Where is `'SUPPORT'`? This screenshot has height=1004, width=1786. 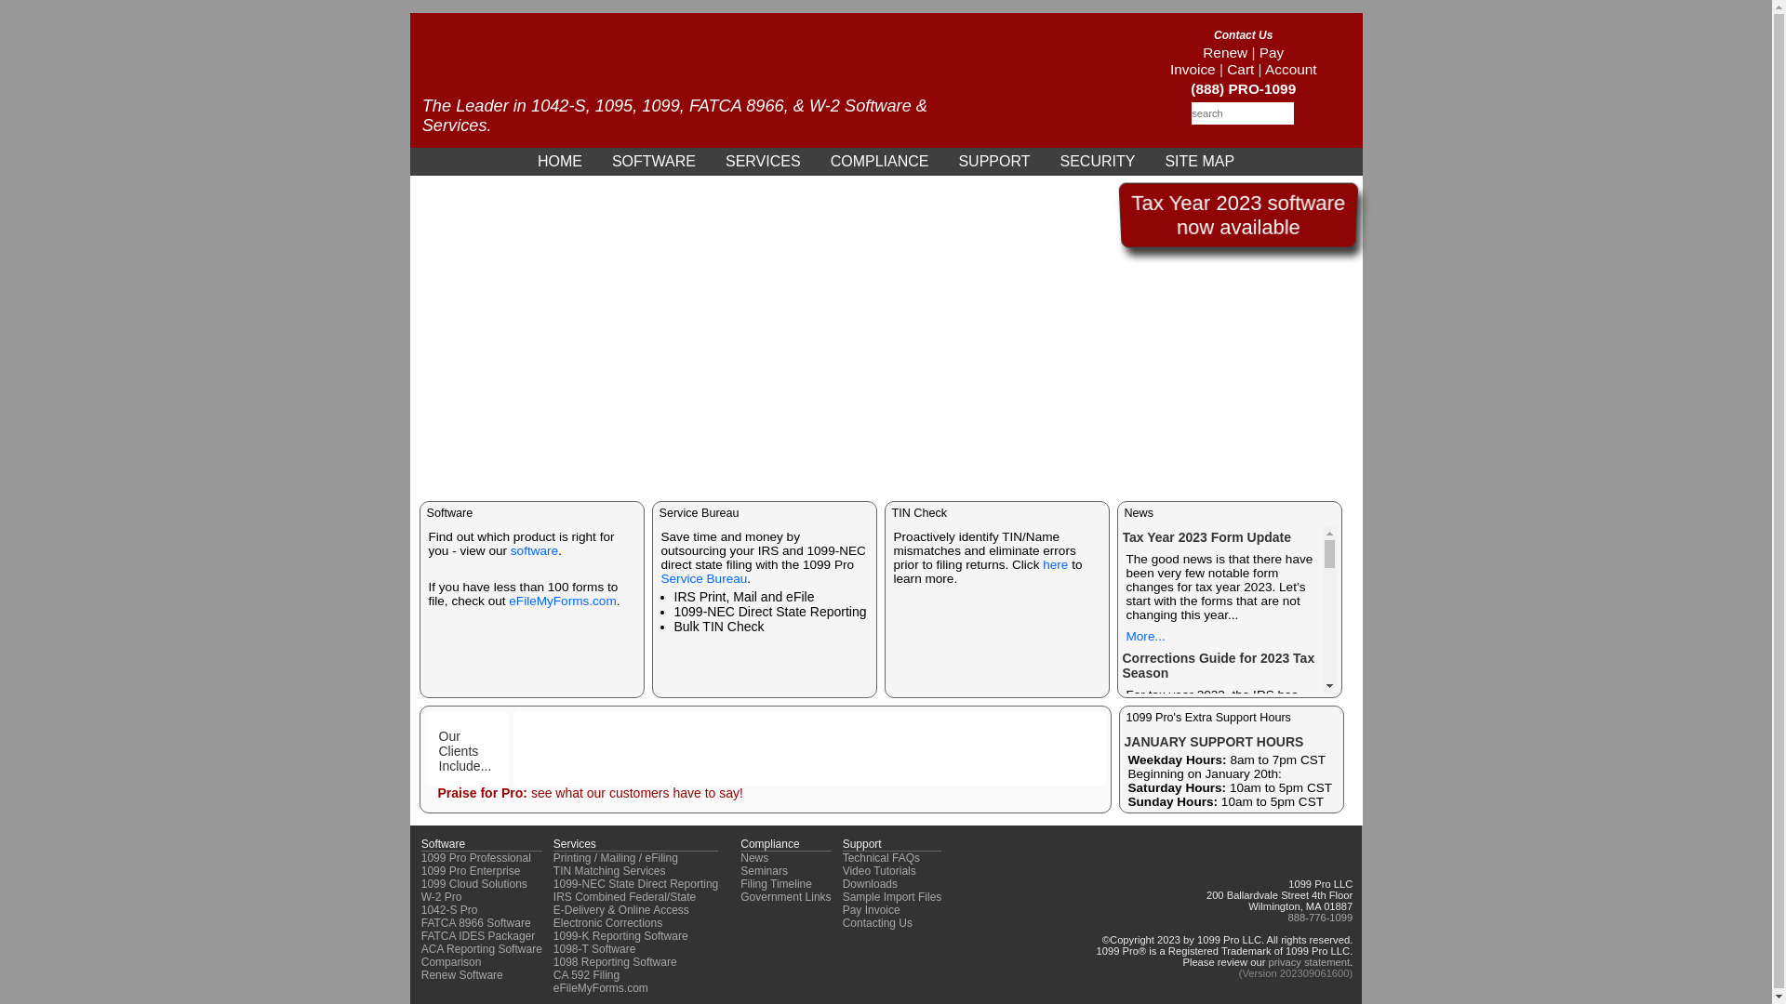
'SUPPORT' is located at coordinates (993, 160).